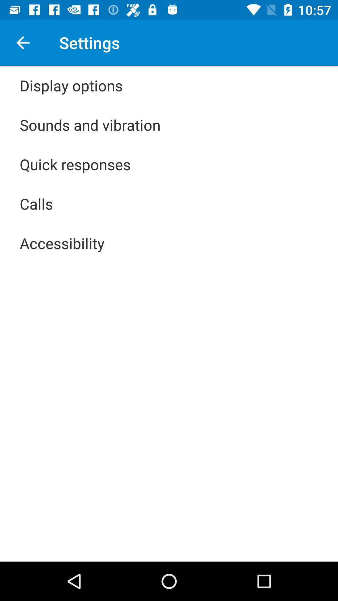 The width and height of the screenshot is (338, 601). What do you see at coordinates (75, 164) in the screenshot?
I see `the icon below sounds and vibration` at bounding box center [75, 164].